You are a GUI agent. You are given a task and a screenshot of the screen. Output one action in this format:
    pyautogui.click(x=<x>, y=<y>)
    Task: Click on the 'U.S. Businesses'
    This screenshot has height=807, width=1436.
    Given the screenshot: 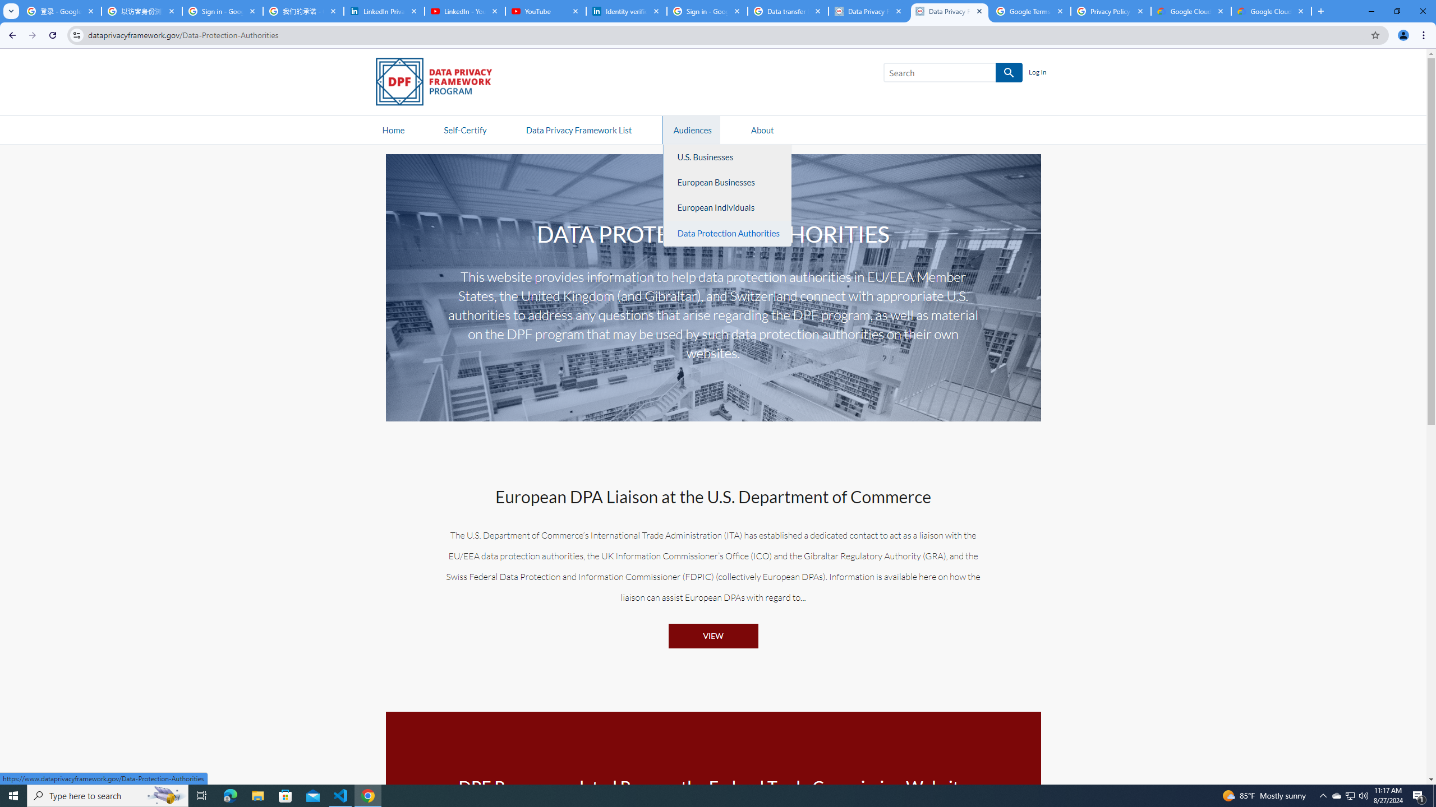 What is the action you would take?
    pyautogui.click(x=729, y=156)
    